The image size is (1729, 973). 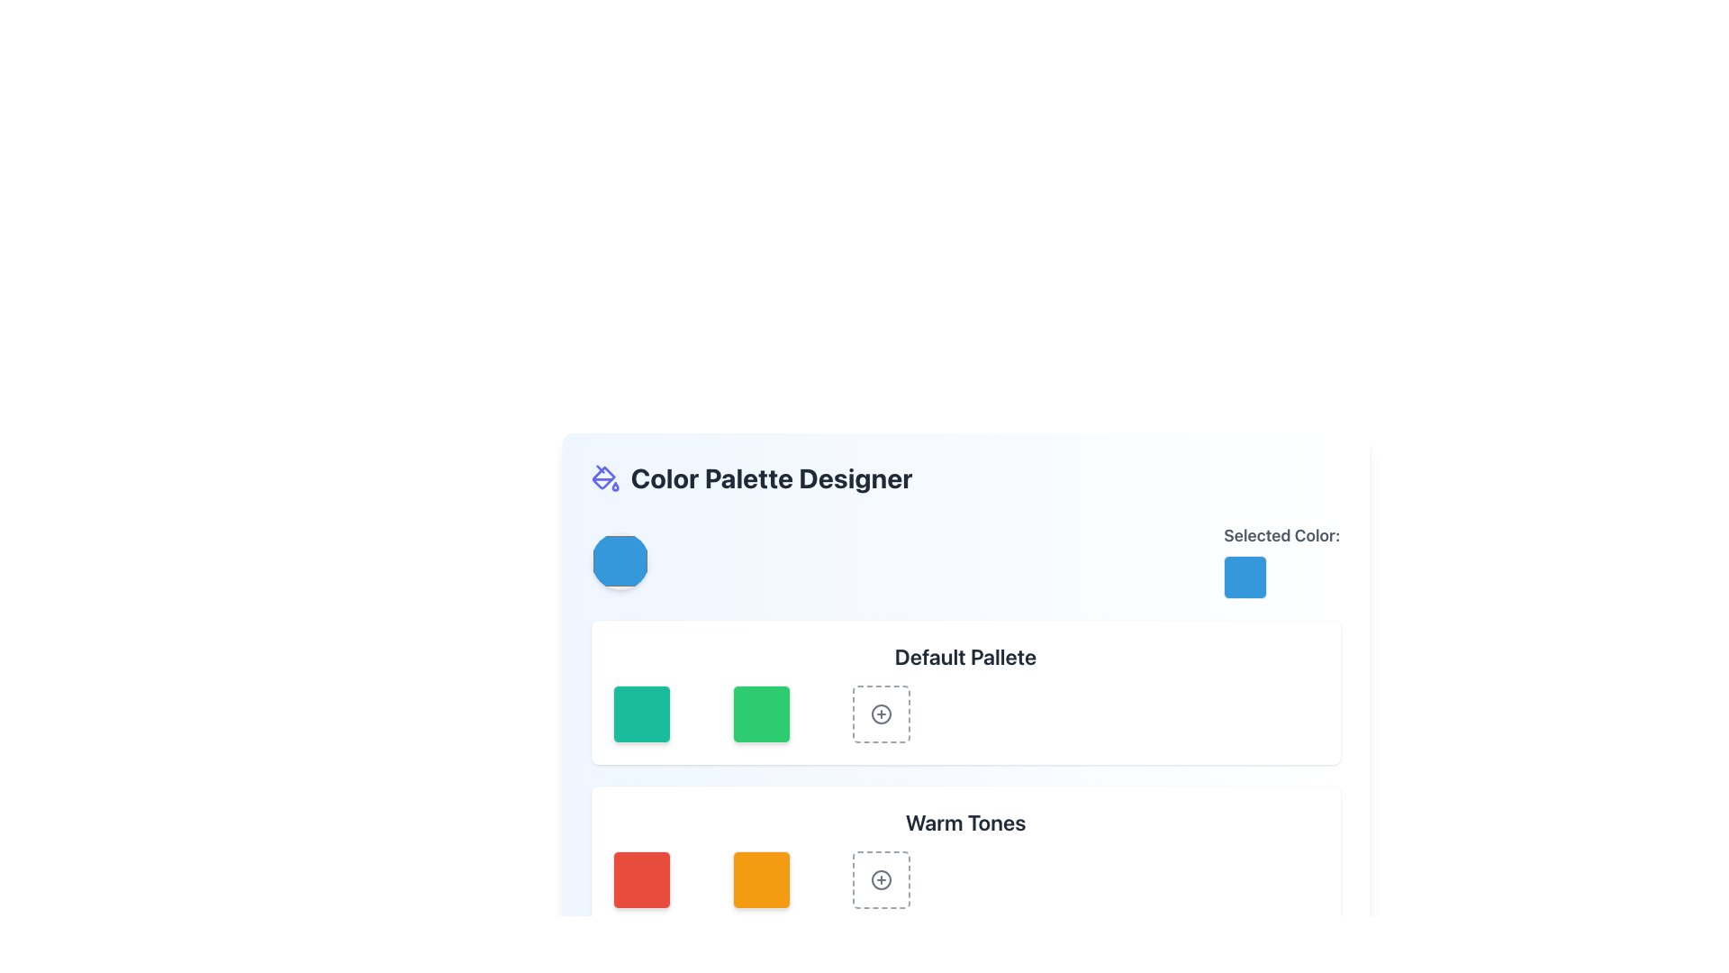 What do you see at coordinates (665, 878) in the screenshot?
I see `the first color swatch in the 'Warm Tones' row, which is a red square with rounded corners` at bounding box center [665, 878].